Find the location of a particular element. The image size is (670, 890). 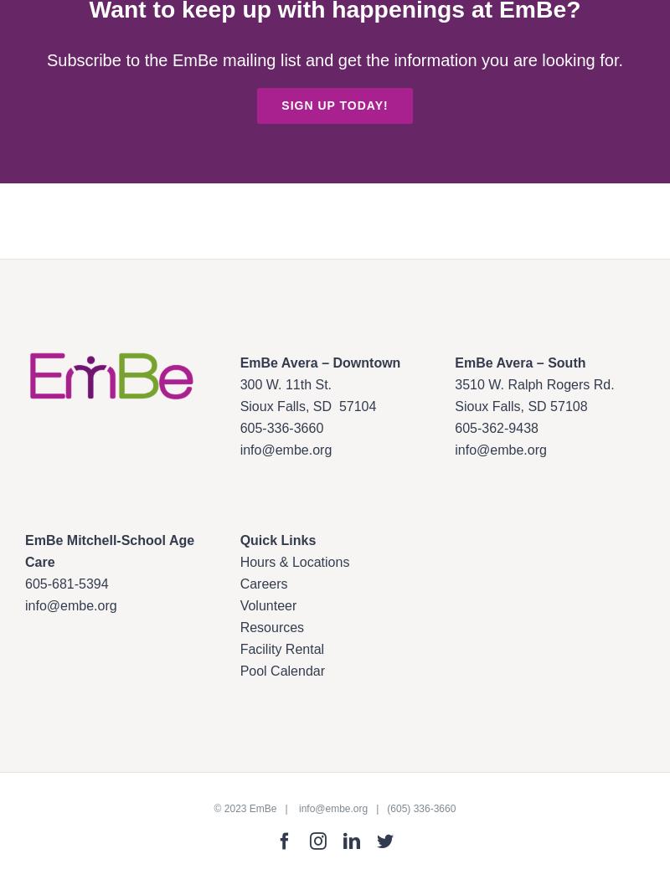

'3510 W. Ralph Rogers Rd.' is located at coordinates (533, 384).